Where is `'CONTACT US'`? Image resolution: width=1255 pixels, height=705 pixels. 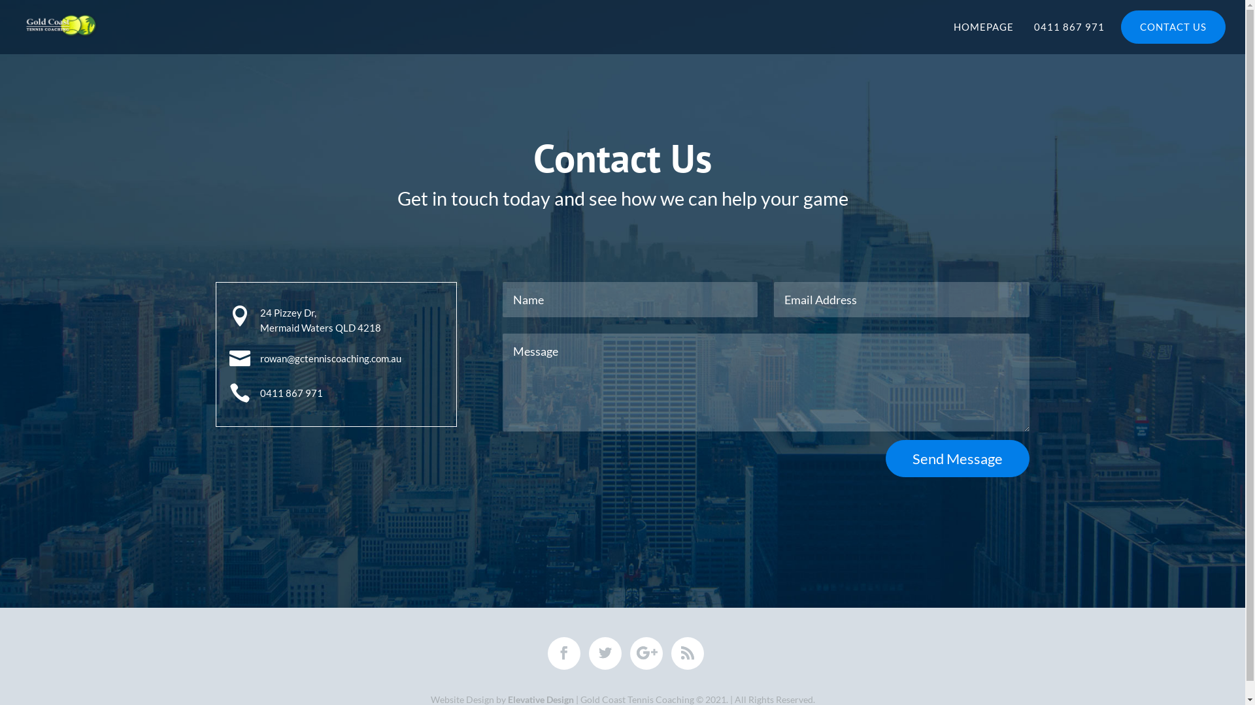 'CONTACT US' is located at coordinates (1121, 29).